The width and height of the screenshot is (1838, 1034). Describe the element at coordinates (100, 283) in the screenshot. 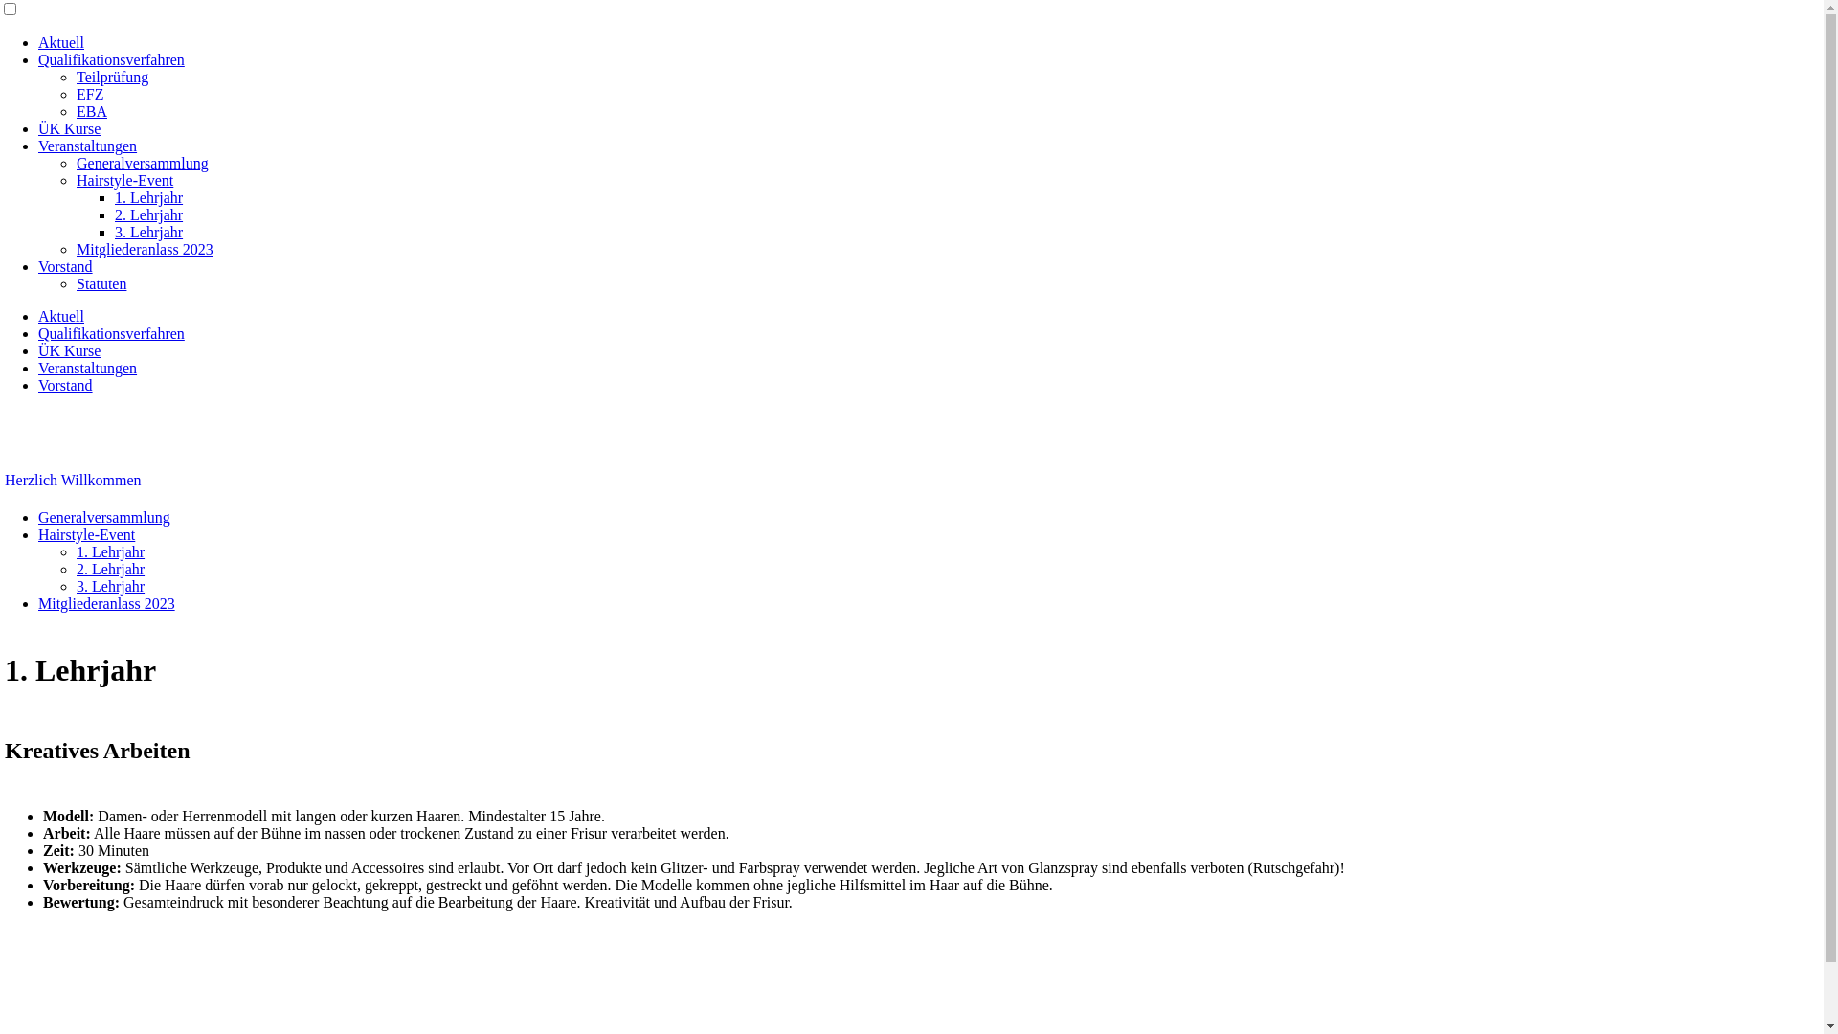

I see `'Statuten'` at that location.